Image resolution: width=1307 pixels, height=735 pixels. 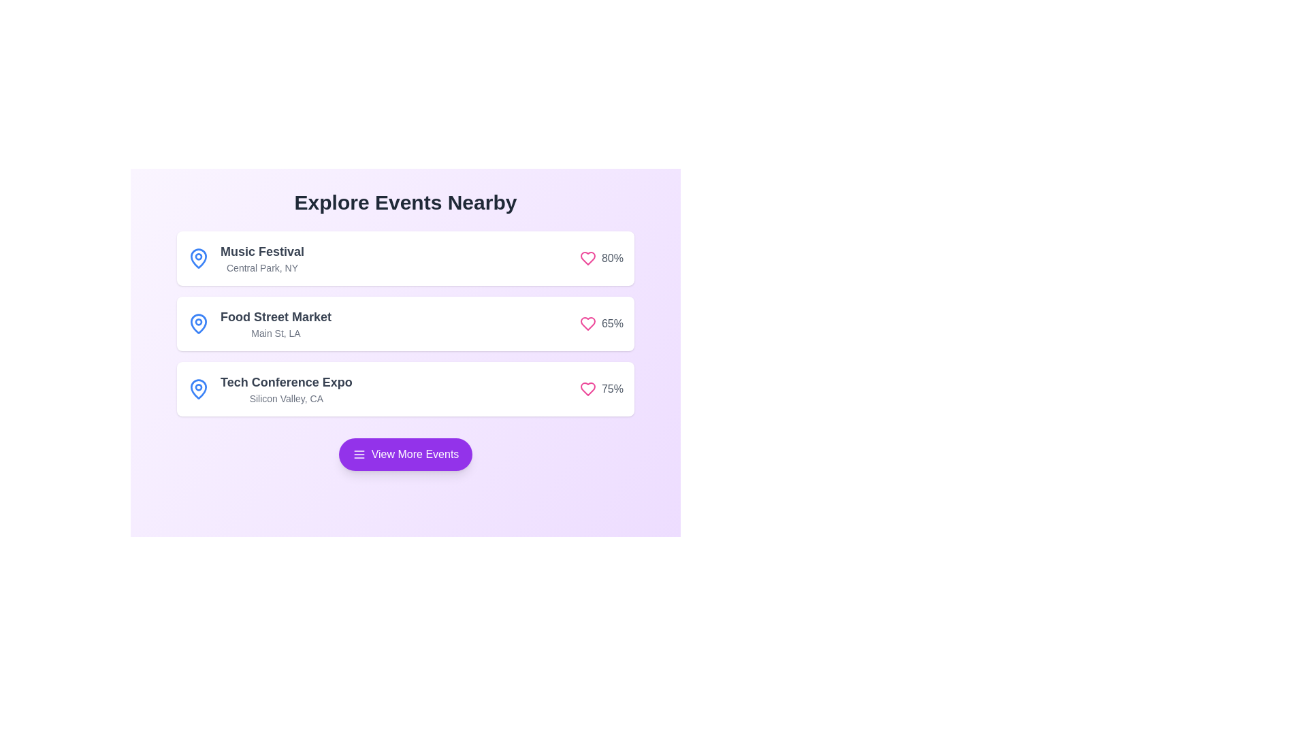 What do you see at coordinates (404, 389) in the screenshot?
I see `information displayed on the 'Tech Conference Expo' event card, which is the third card in the vertical list of event cards` at bounding box center [404, 389].